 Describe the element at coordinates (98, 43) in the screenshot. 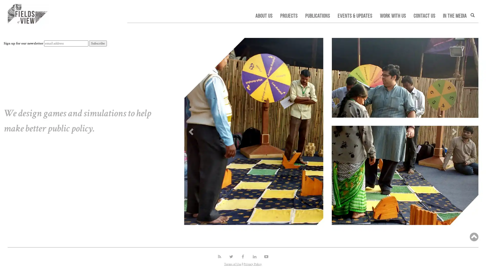

I see `Subscribe` at that location.